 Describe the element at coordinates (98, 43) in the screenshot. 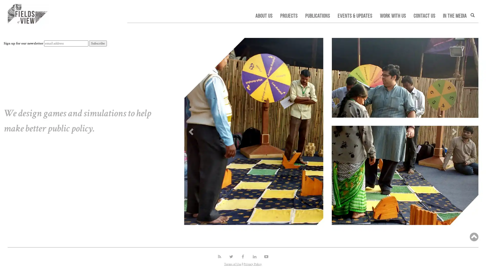

I see `Subscribe` at that location.